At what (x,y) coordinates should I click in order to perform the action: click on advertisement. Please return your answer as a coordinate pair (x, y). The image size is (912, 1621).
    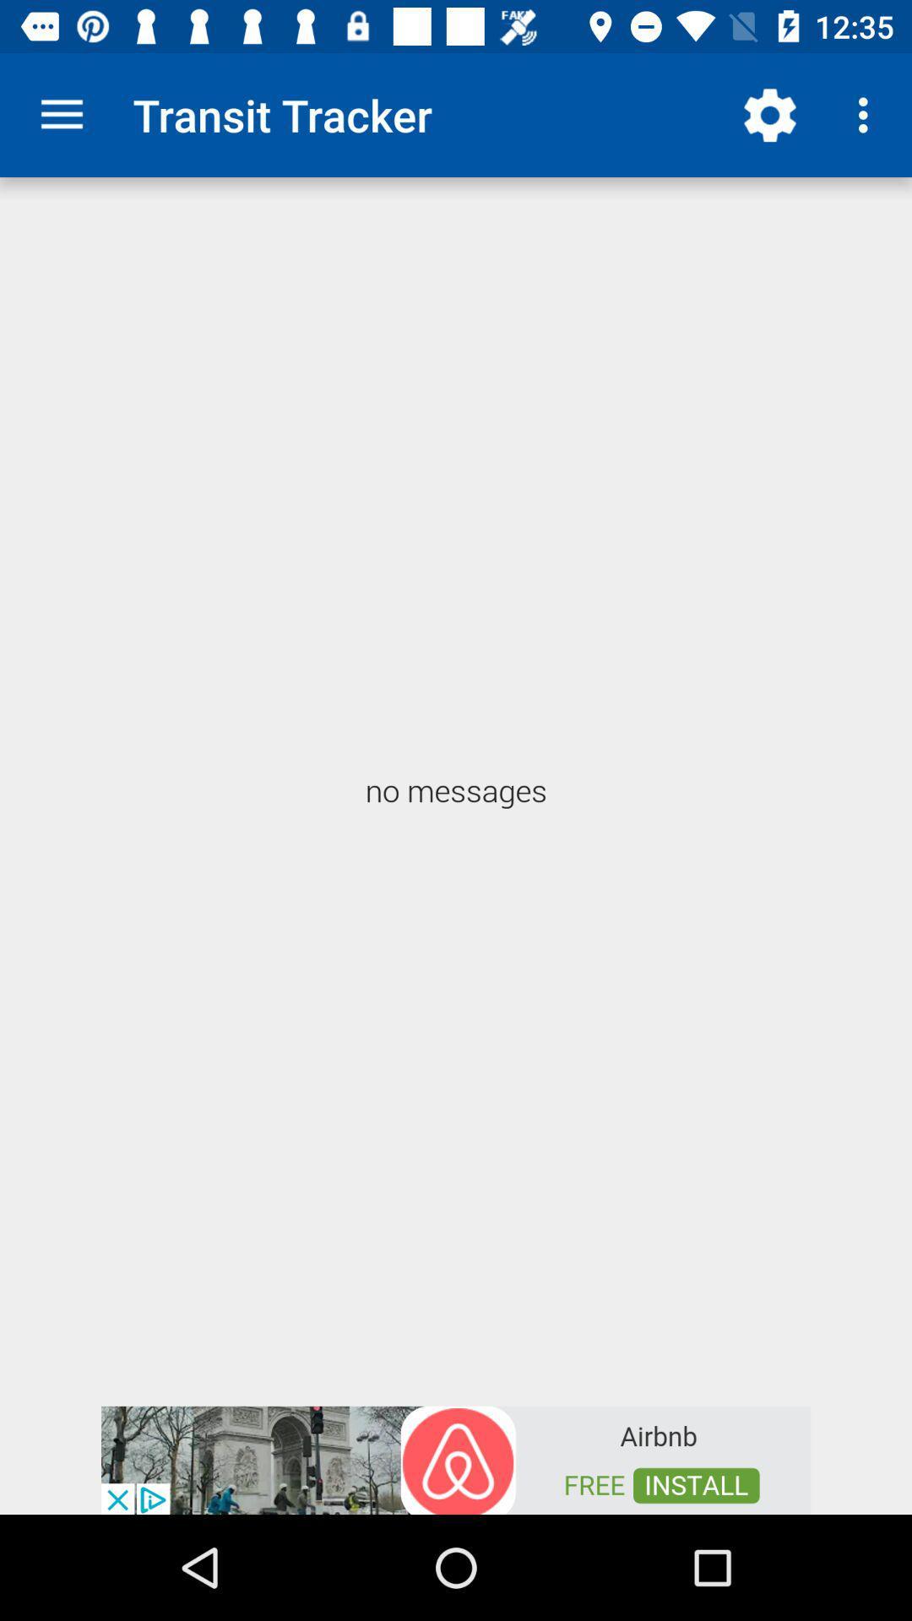
    Looking at the image, I should click on (456, 1458).